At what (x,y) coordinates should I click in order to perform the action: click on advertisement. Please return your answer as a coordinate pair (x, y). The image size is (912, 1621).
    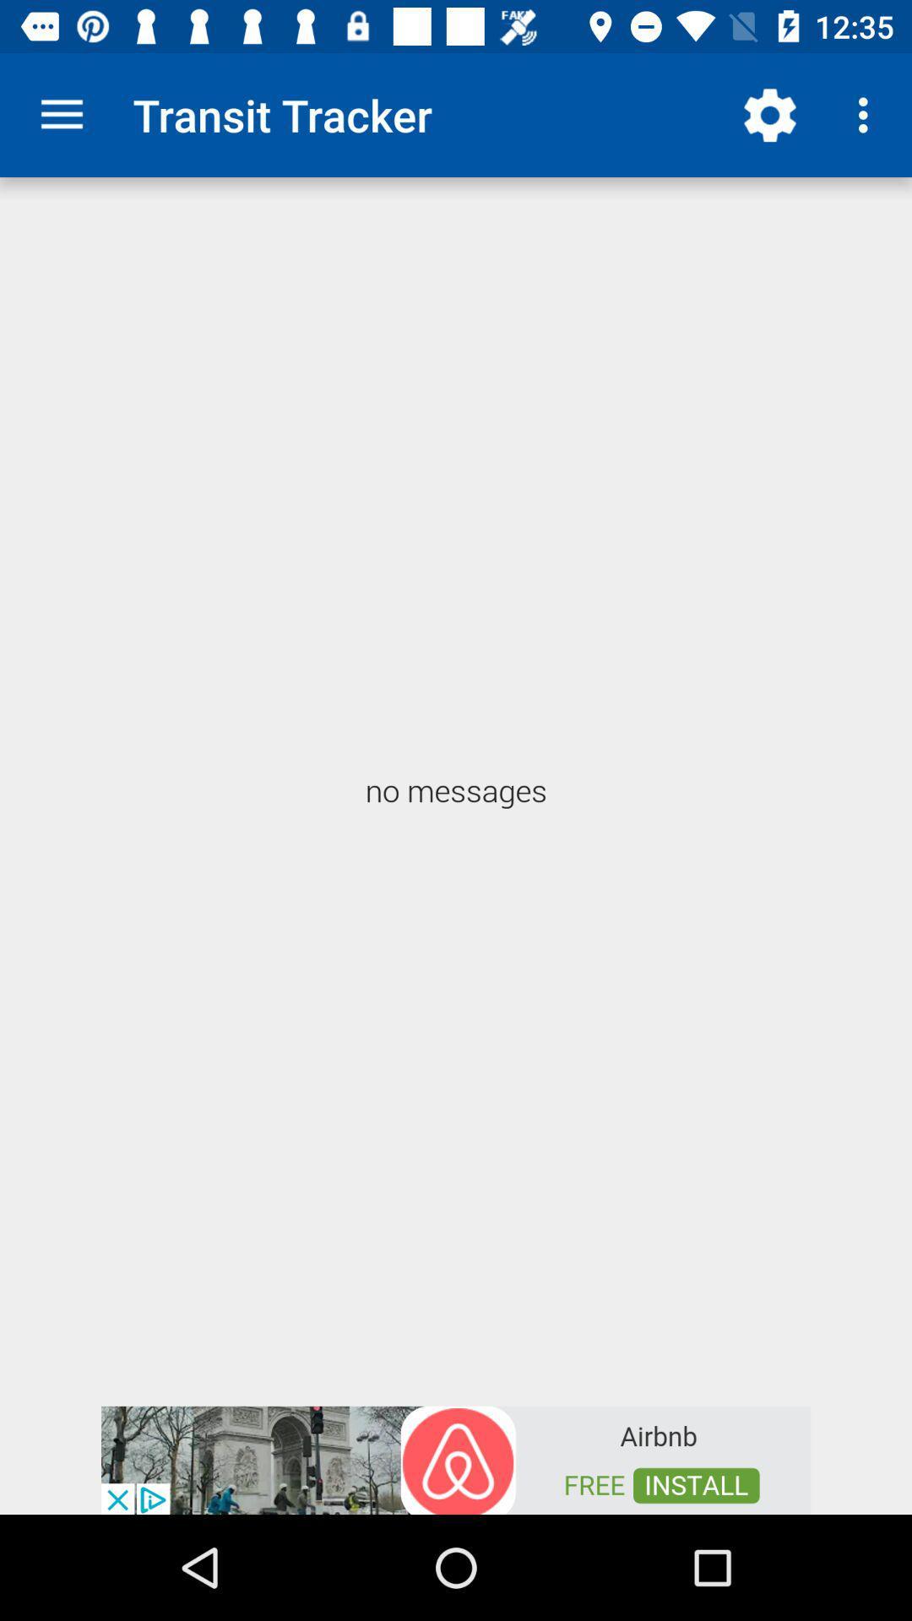
    Looking at the image, I should click on (456, 1458).